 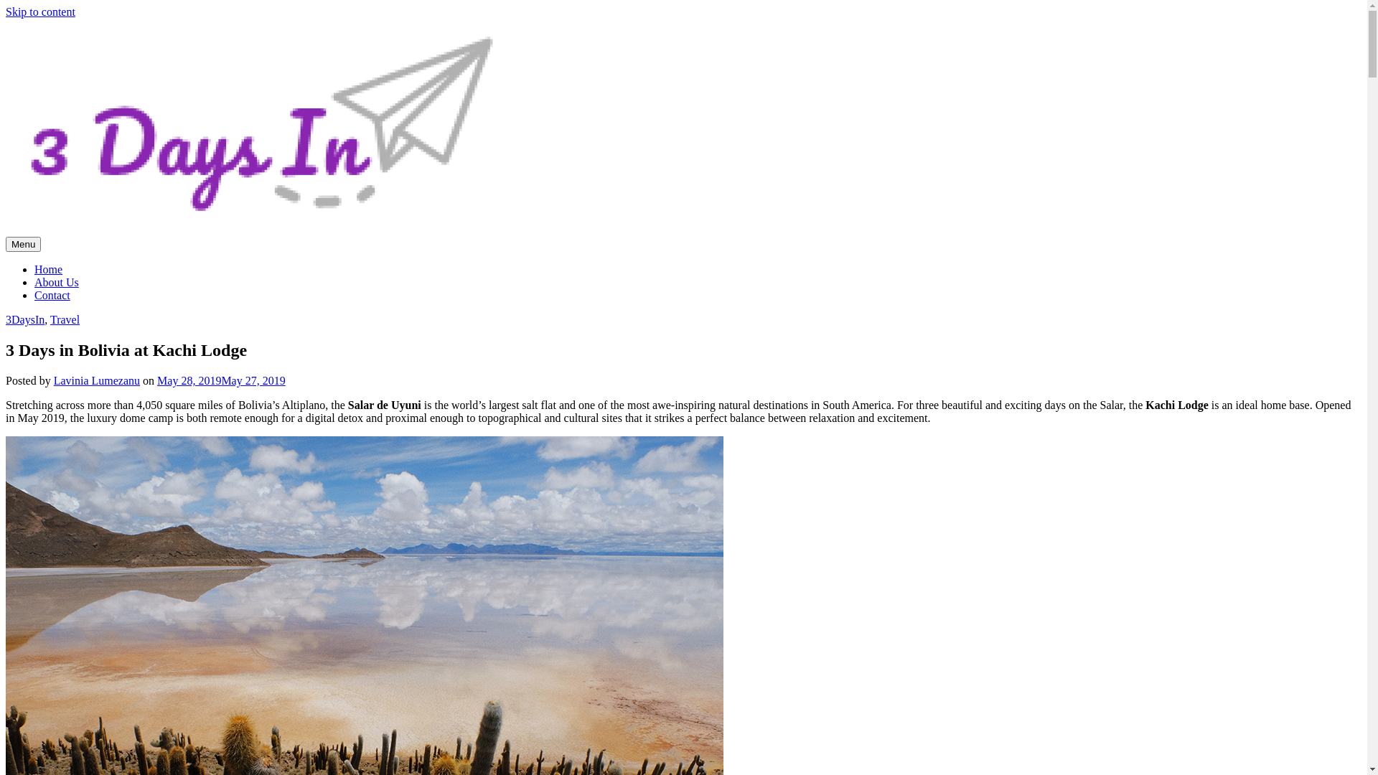 What do you see at coordinates (34, 282) in the screenshot?
I see `'About Us'` at bounding box center [34, 282].